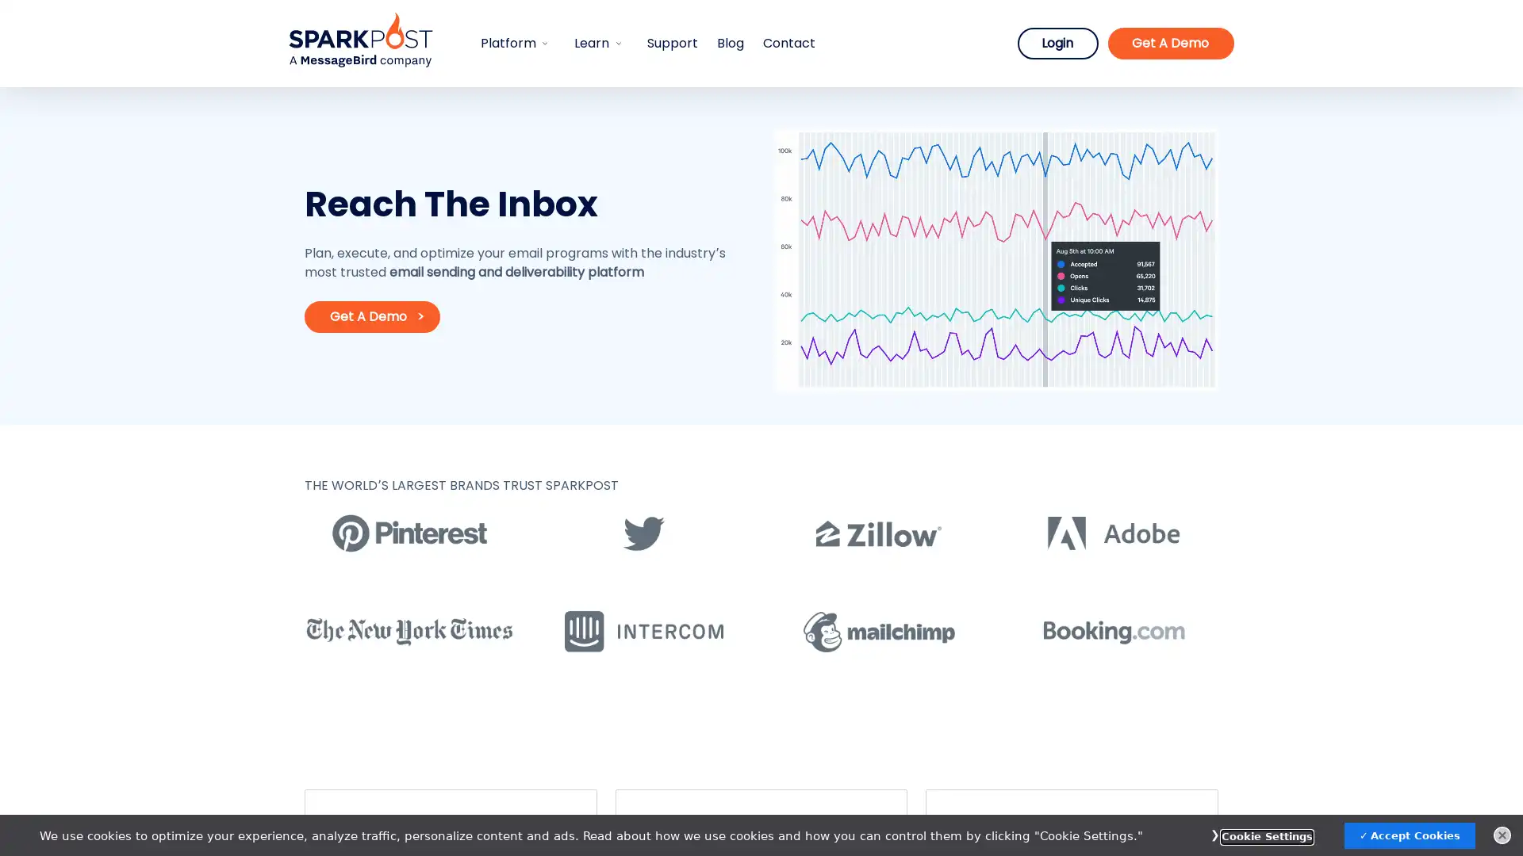  Describe the element at coordinates (547, 42) in the screenshot. I see `open sub-menu` at that location.